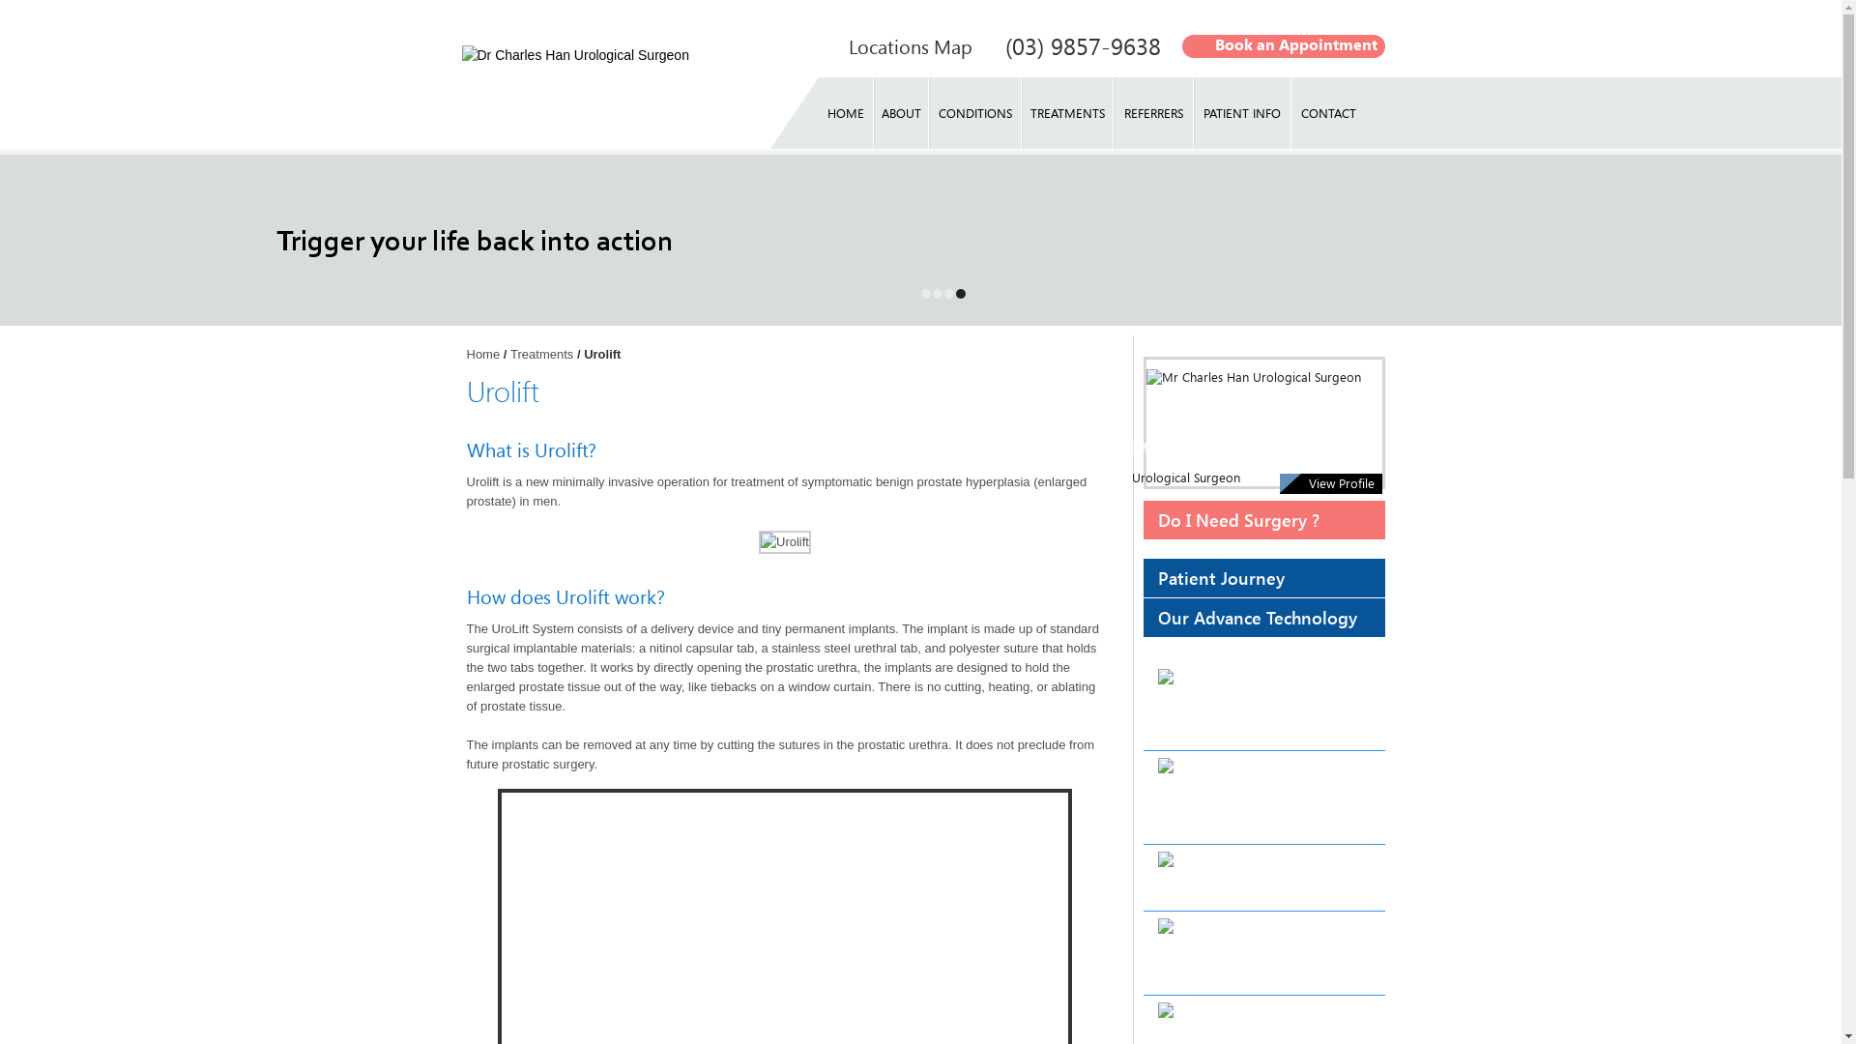  What do you see at coordinates (1243, 112) in the screenshot?
I see `'PATIENT INFO'` at bounding box center [1243, 112].